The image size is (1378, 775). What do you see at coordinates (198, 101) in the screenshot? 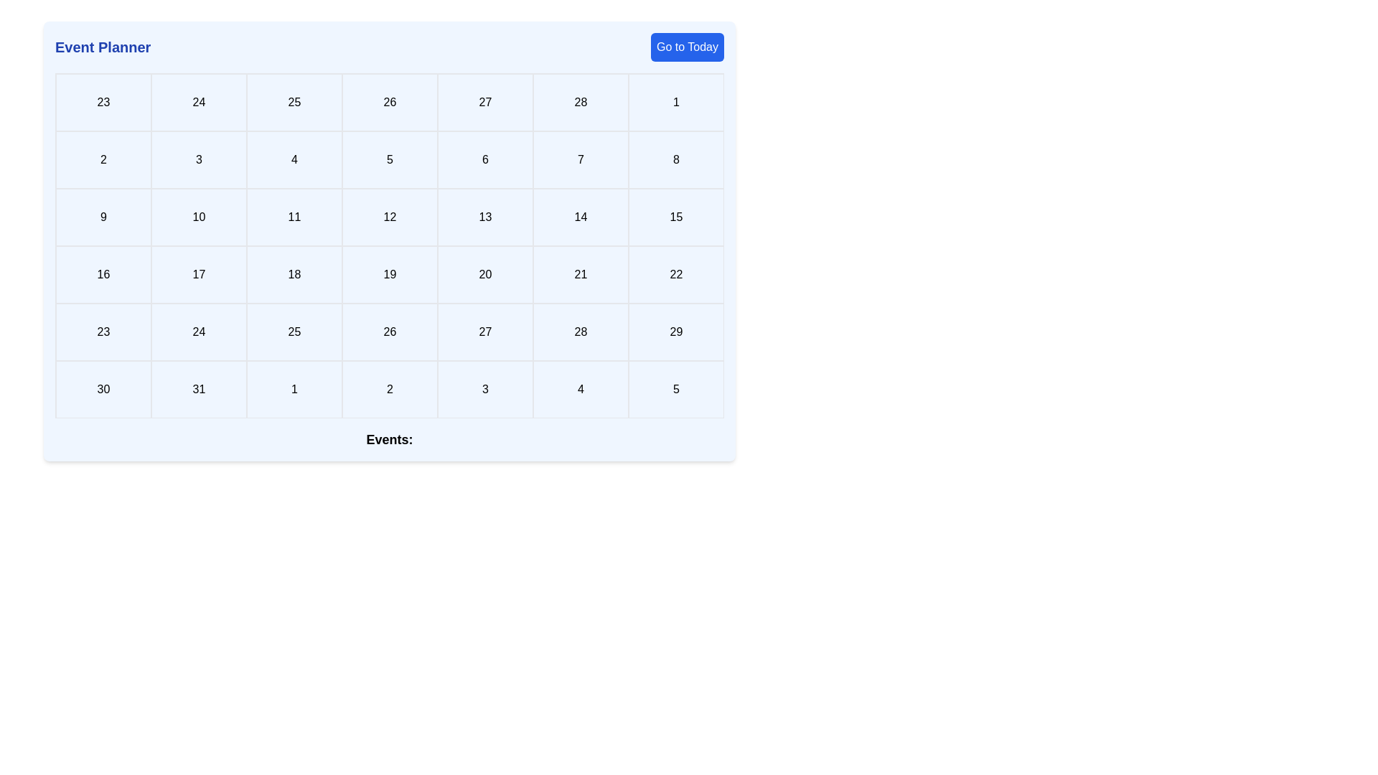
I see `the numeric display cell which shows the number '24', located in the first row of a 7-column grid, as the second cell from the left` at bounding box center [198, 101].